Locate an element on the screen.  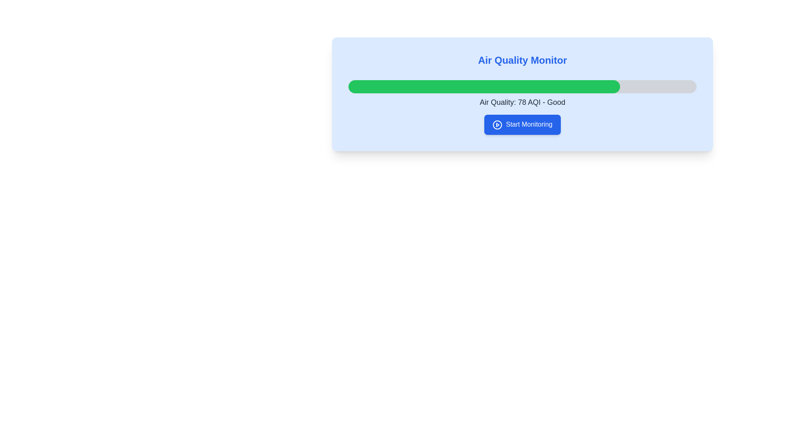
the second progress bar in the 'Air Quality Monitor' interface, which visually represents an air quality level of 78 AQI - Good is located at coordinates (522, 87).